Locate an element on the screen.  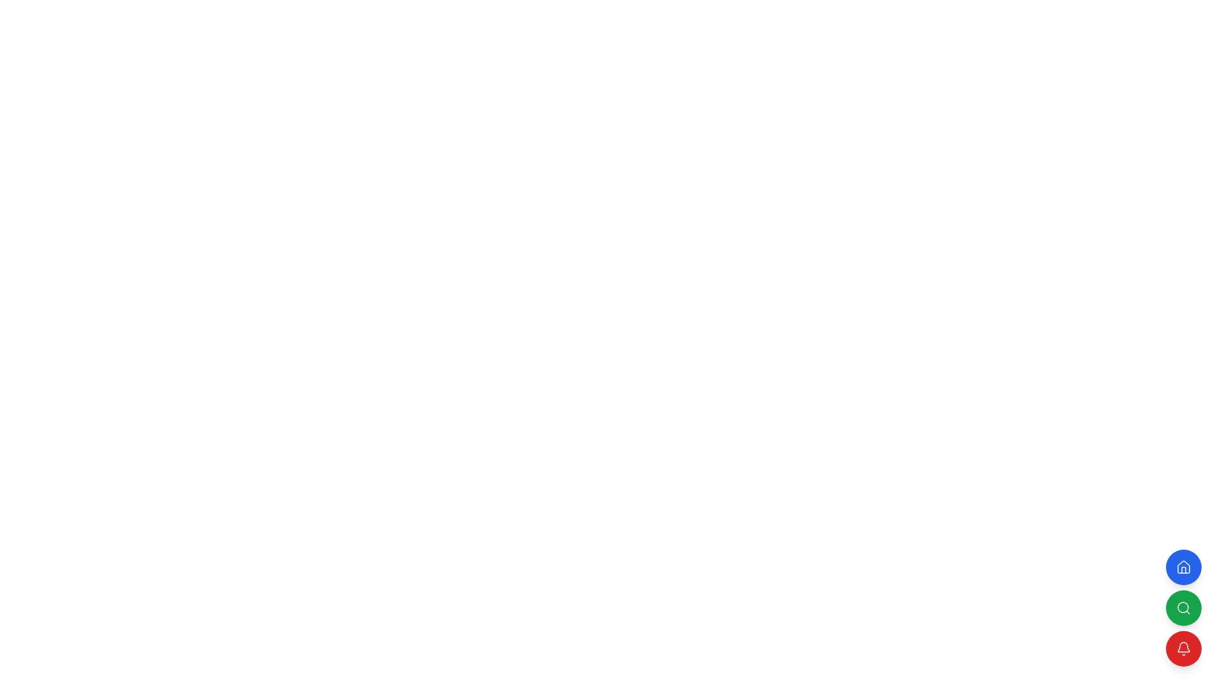
the middle button in the vertical group located at the bottom-right of the interface is located at coordinates (1183, 607).